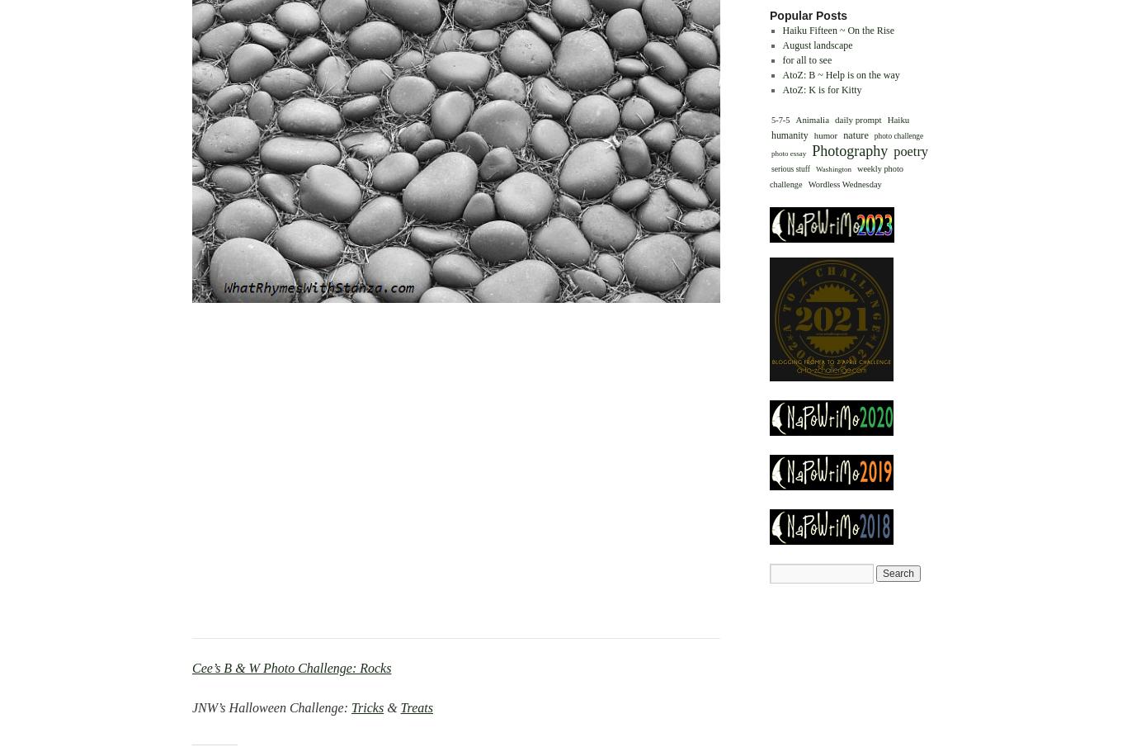 The height and width of the screenshot is (747, 1127). What do you see at coordinates (833, 167) in the screenshot?
I see `'Washington'` at bounding box center [833, 167].